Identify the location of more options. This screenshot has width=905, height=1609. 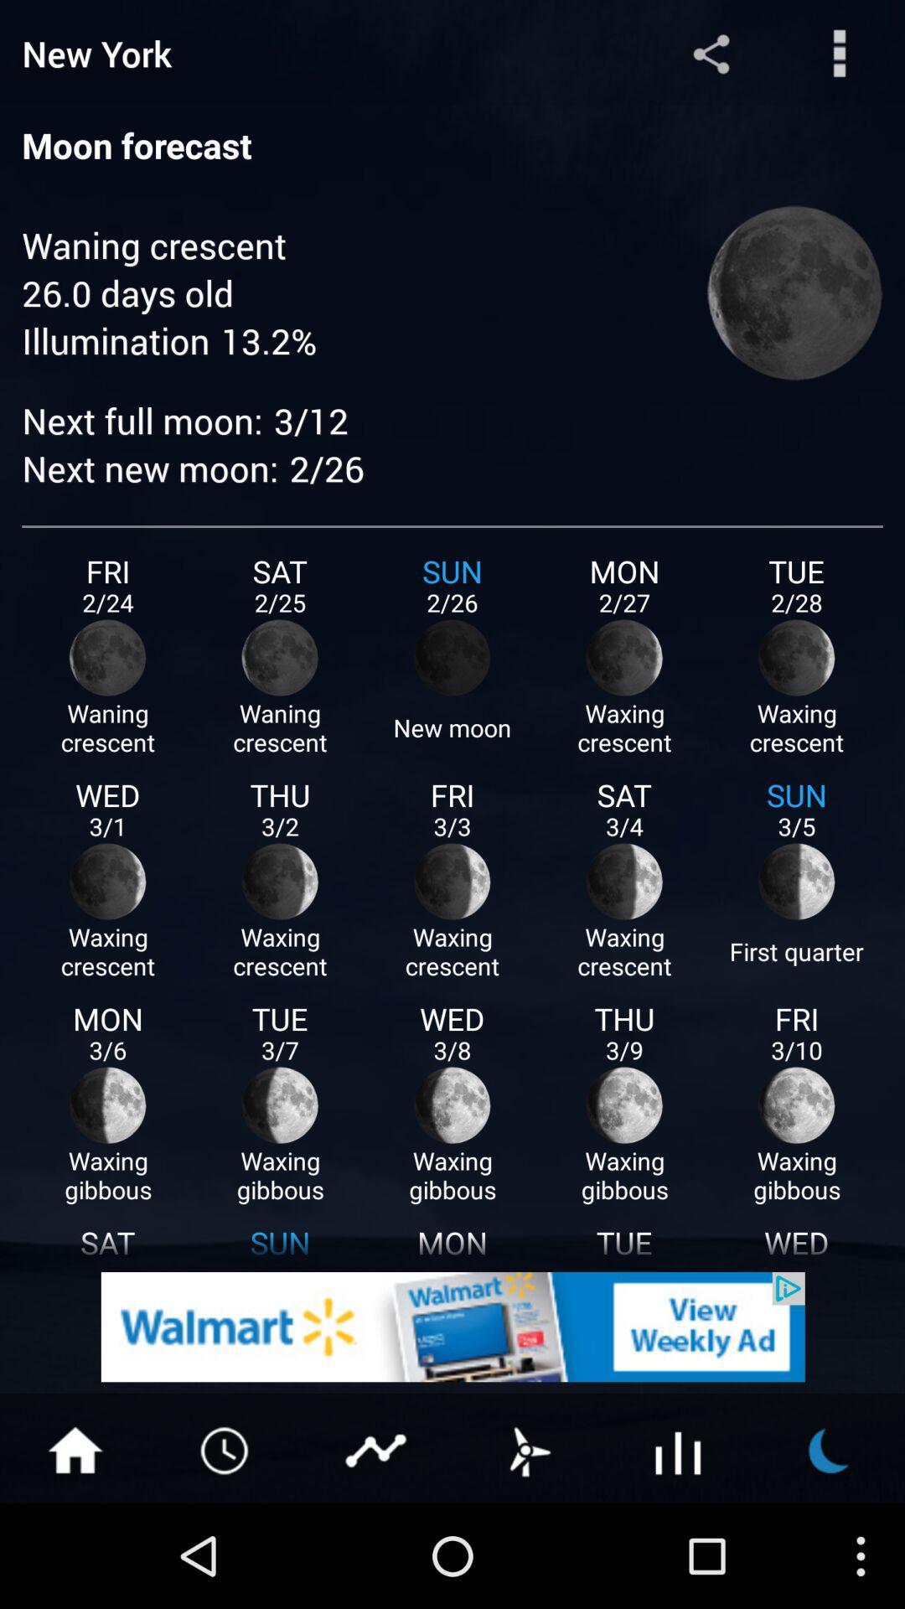
(840, 53).